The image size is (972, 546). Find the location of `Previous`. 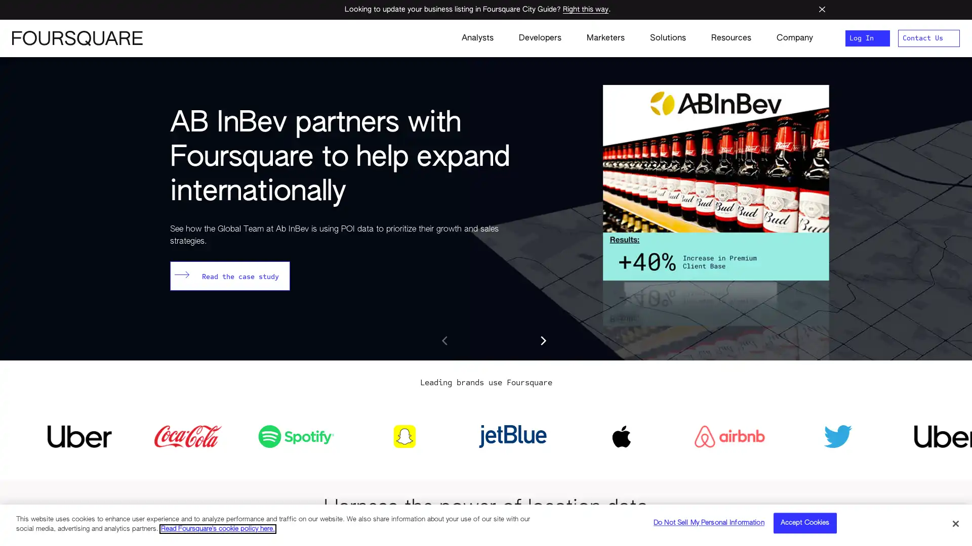

Previous is located at coordinates (445, 342).